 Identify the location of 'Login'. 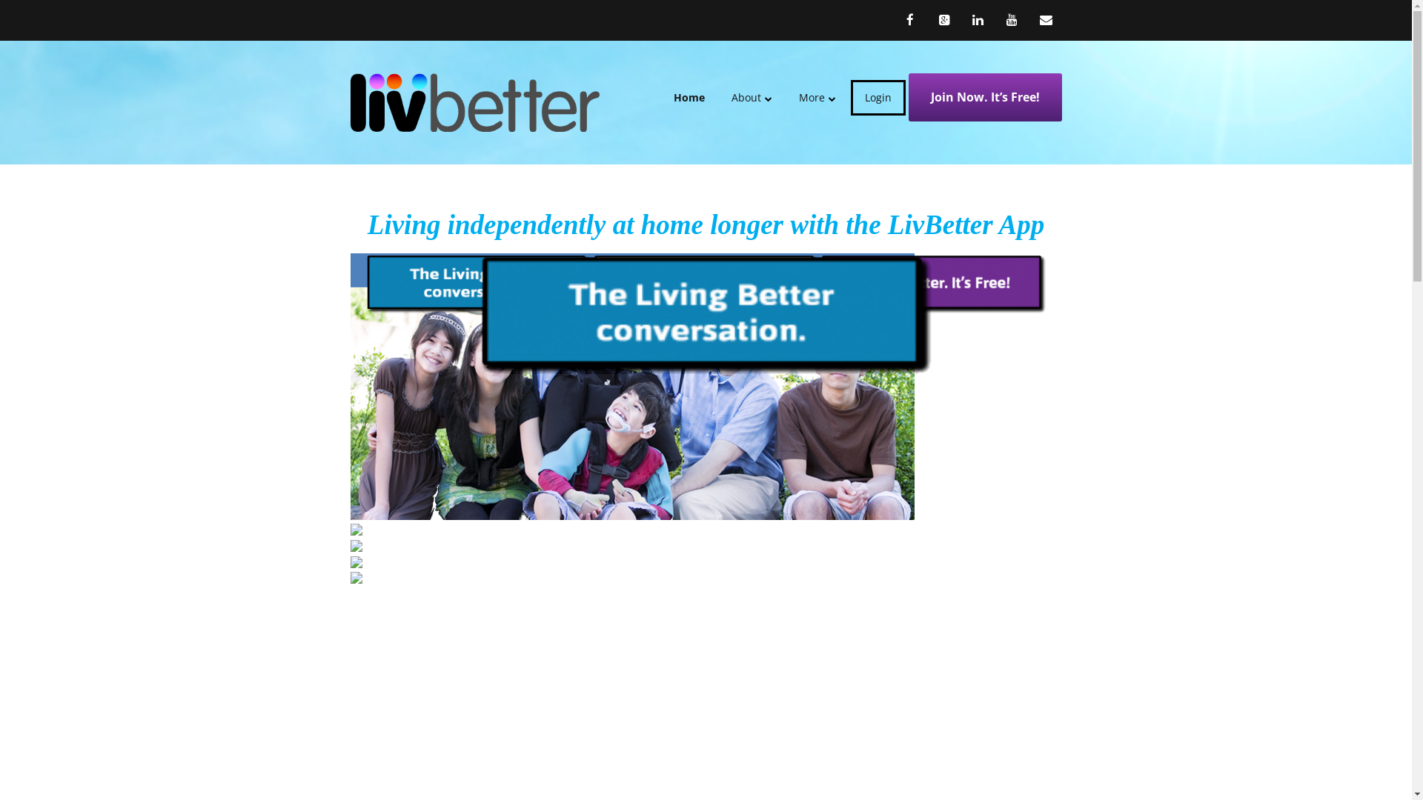
(878, 97).